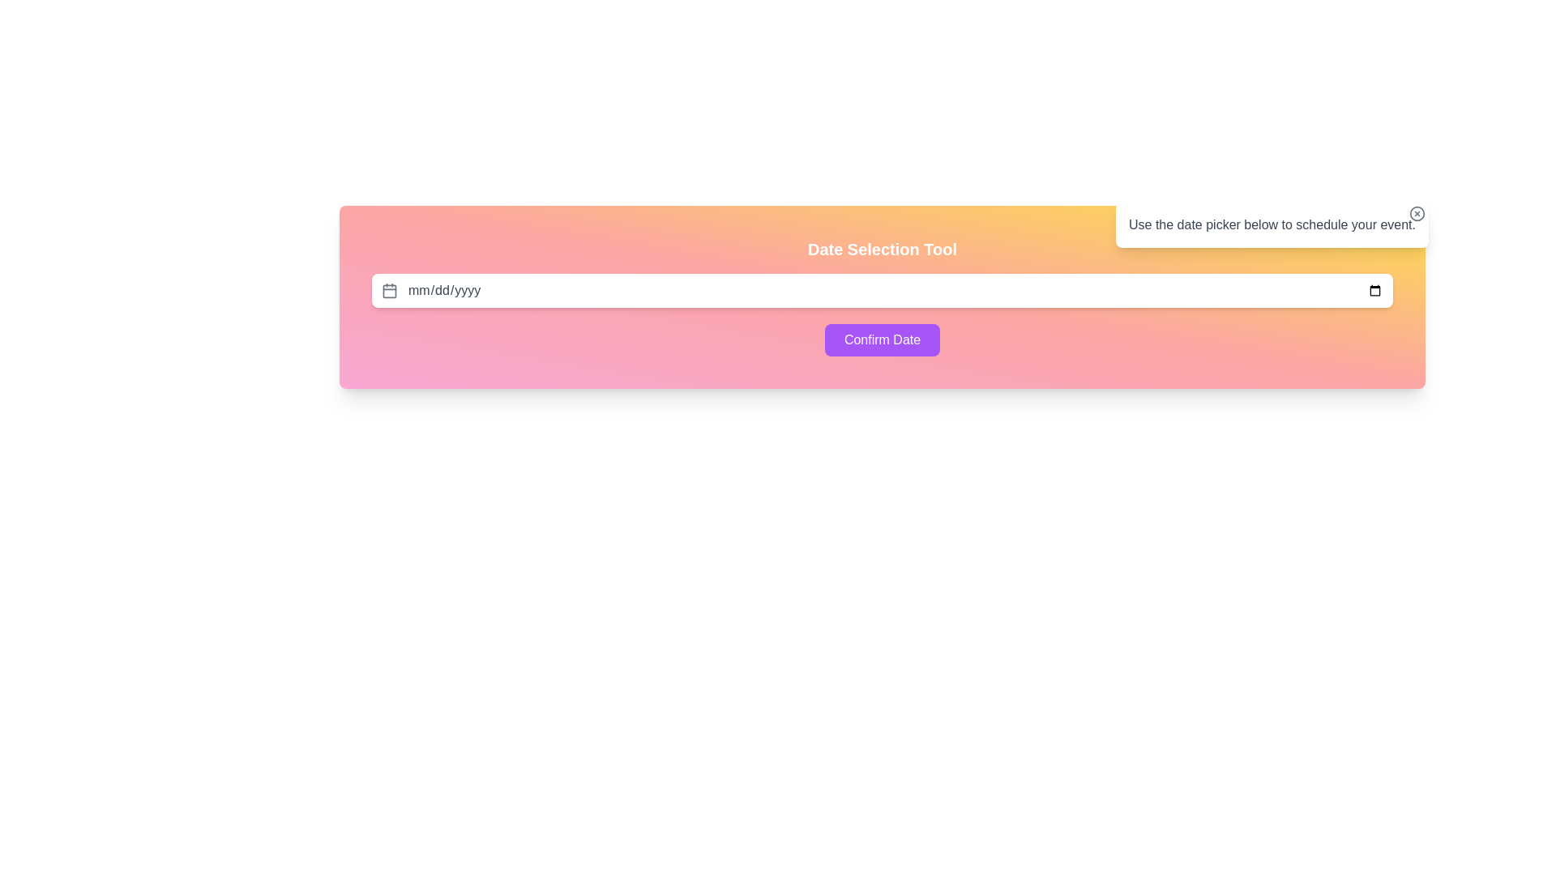  I want to click on the gray calendar icon located to the left of the text field, so click(389, 289).